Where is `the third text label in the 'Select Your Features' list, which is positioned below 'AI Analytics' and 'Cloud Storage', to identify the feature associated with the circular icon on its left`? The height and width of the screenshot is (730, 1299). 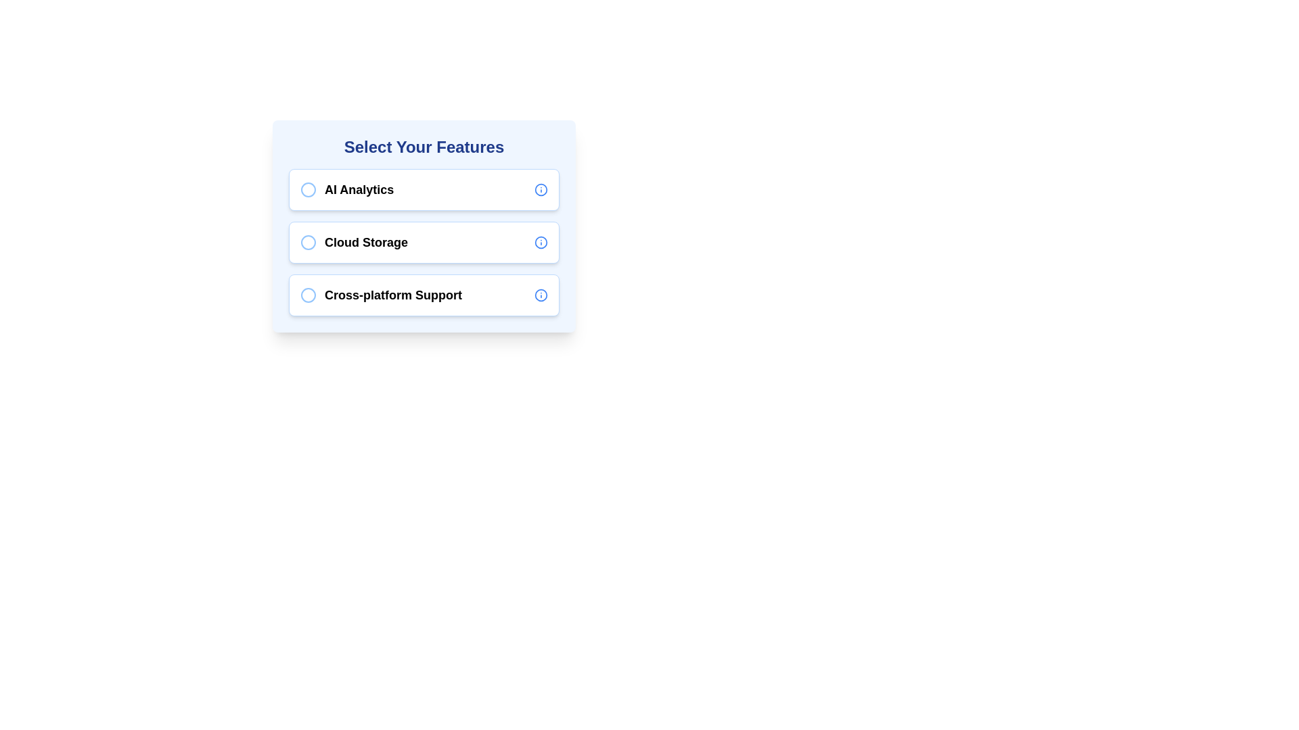
the third text label in the 'Select Your Features' list, which is positioned below 'AI Analytics' and 'Cloud Storage', to identify the feature associated with the circular icon on its left is located at coordinates (392, 294).